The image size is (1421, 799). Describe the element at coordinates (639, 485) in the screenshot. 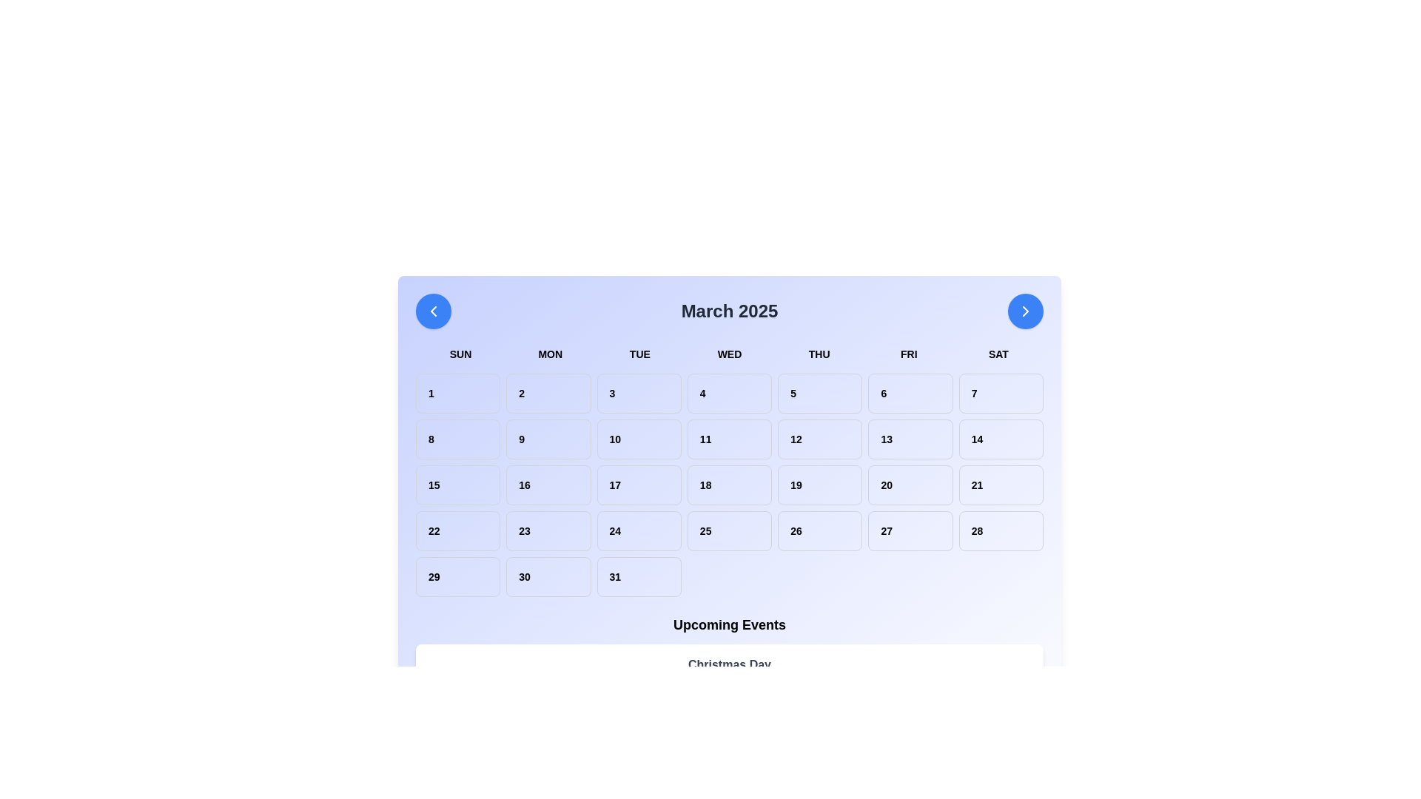

I see `the button representing the date 17 in the calendar grid under the 'TUE' column` at that location.